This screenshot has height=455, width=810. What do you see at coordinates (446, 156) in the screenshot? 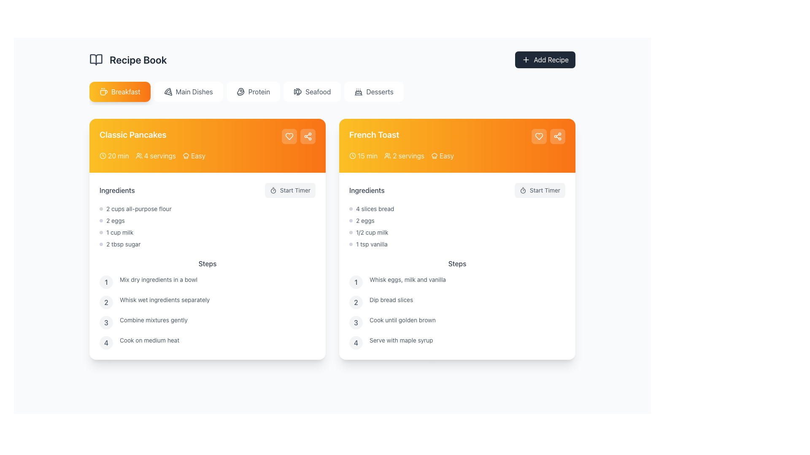
I see `the 'Easy' difficulty level text label located at the top right of the 'French Toast' recipe card, which precedes the action buttons` at bounding box center [446, 156].